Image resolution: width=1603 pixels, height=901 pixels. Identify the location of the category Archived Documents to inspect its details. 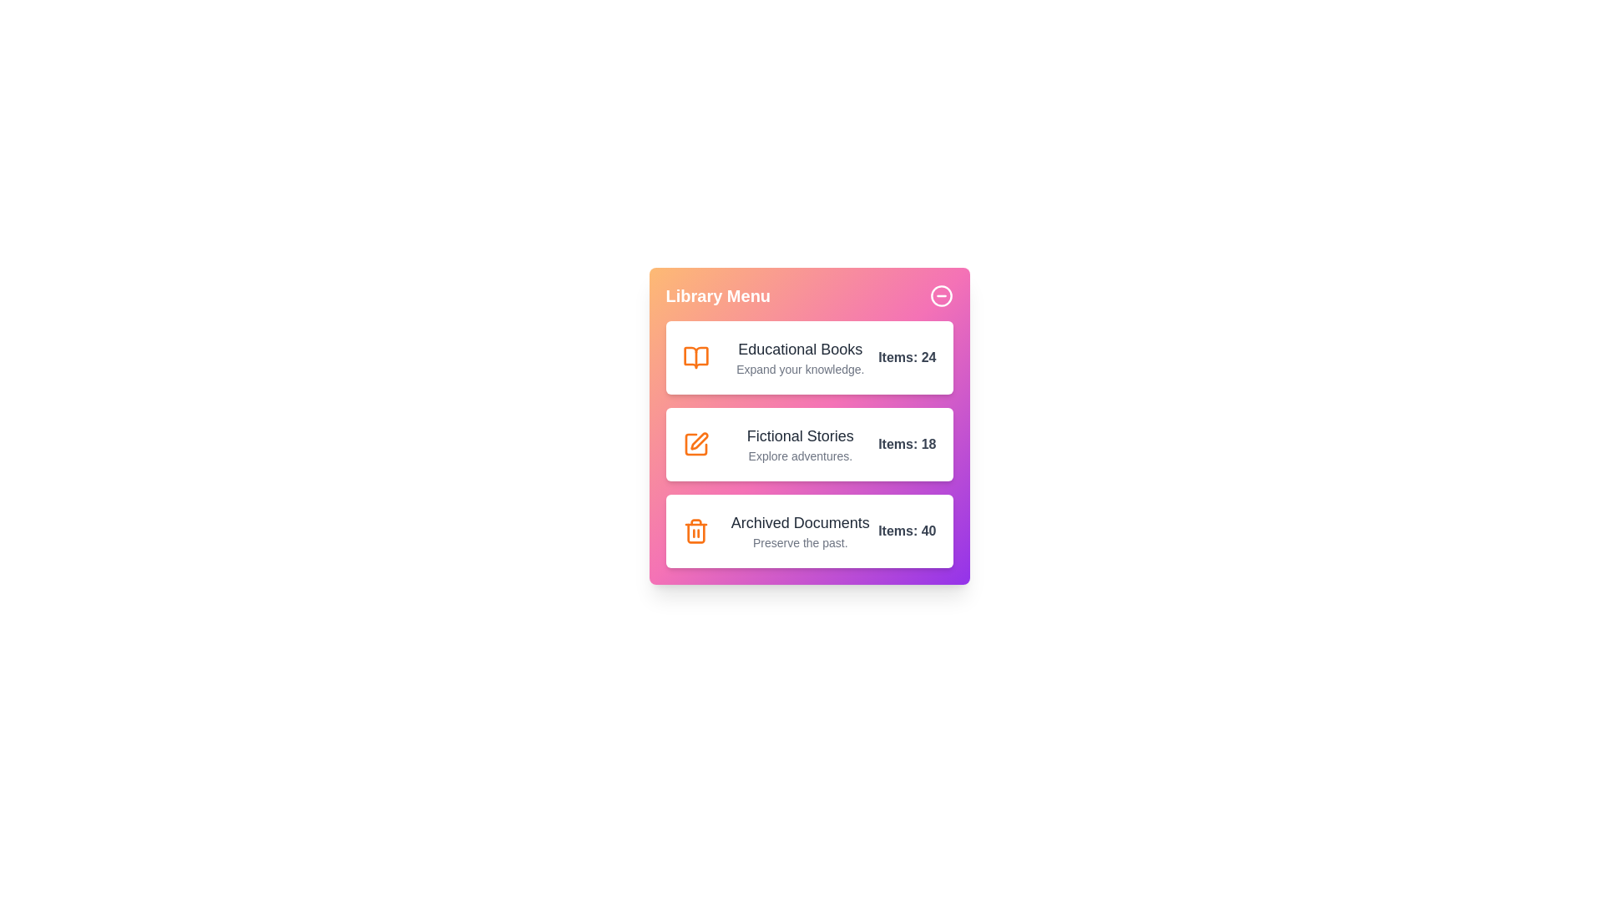
(809, 531).